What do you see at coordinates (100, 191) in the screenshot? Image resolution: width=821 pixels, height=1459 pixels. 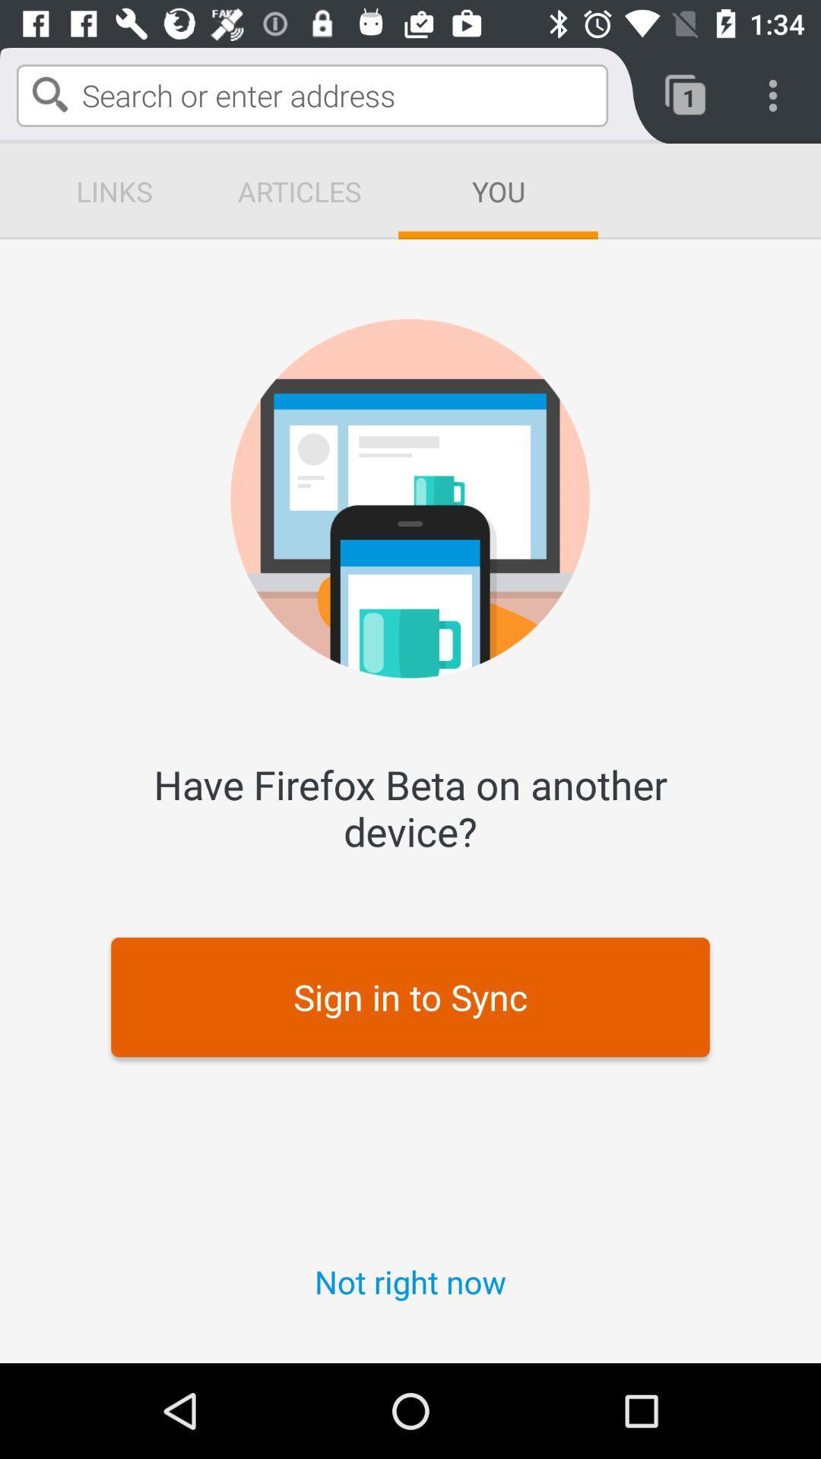 I see `the sign in to sync` at bounding box center [100, 191].